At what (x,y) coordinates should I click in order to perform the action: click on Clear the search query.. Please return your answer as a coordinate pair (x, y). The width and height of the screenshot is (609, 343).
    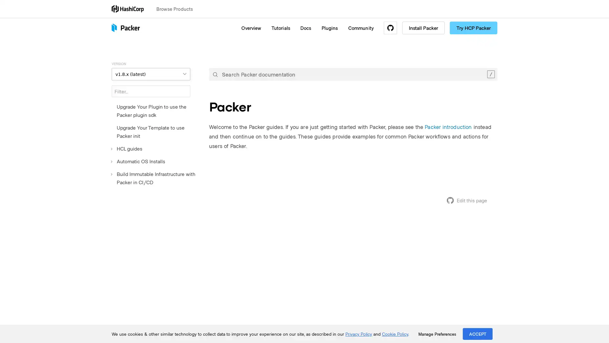
    Looking at the image, I should click on (490, 74).